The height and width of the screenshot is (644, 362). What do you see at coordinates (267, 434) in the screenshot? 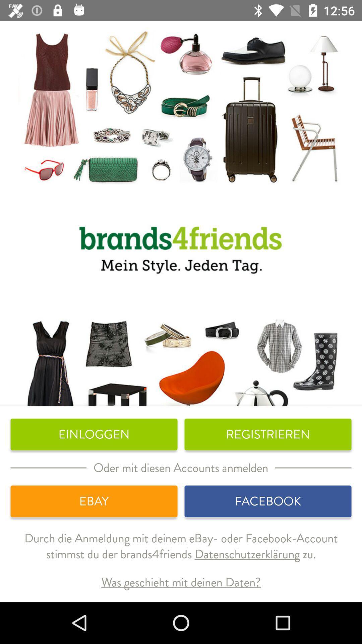
I see `the registrieren icon` at bounding box center [267, 434].